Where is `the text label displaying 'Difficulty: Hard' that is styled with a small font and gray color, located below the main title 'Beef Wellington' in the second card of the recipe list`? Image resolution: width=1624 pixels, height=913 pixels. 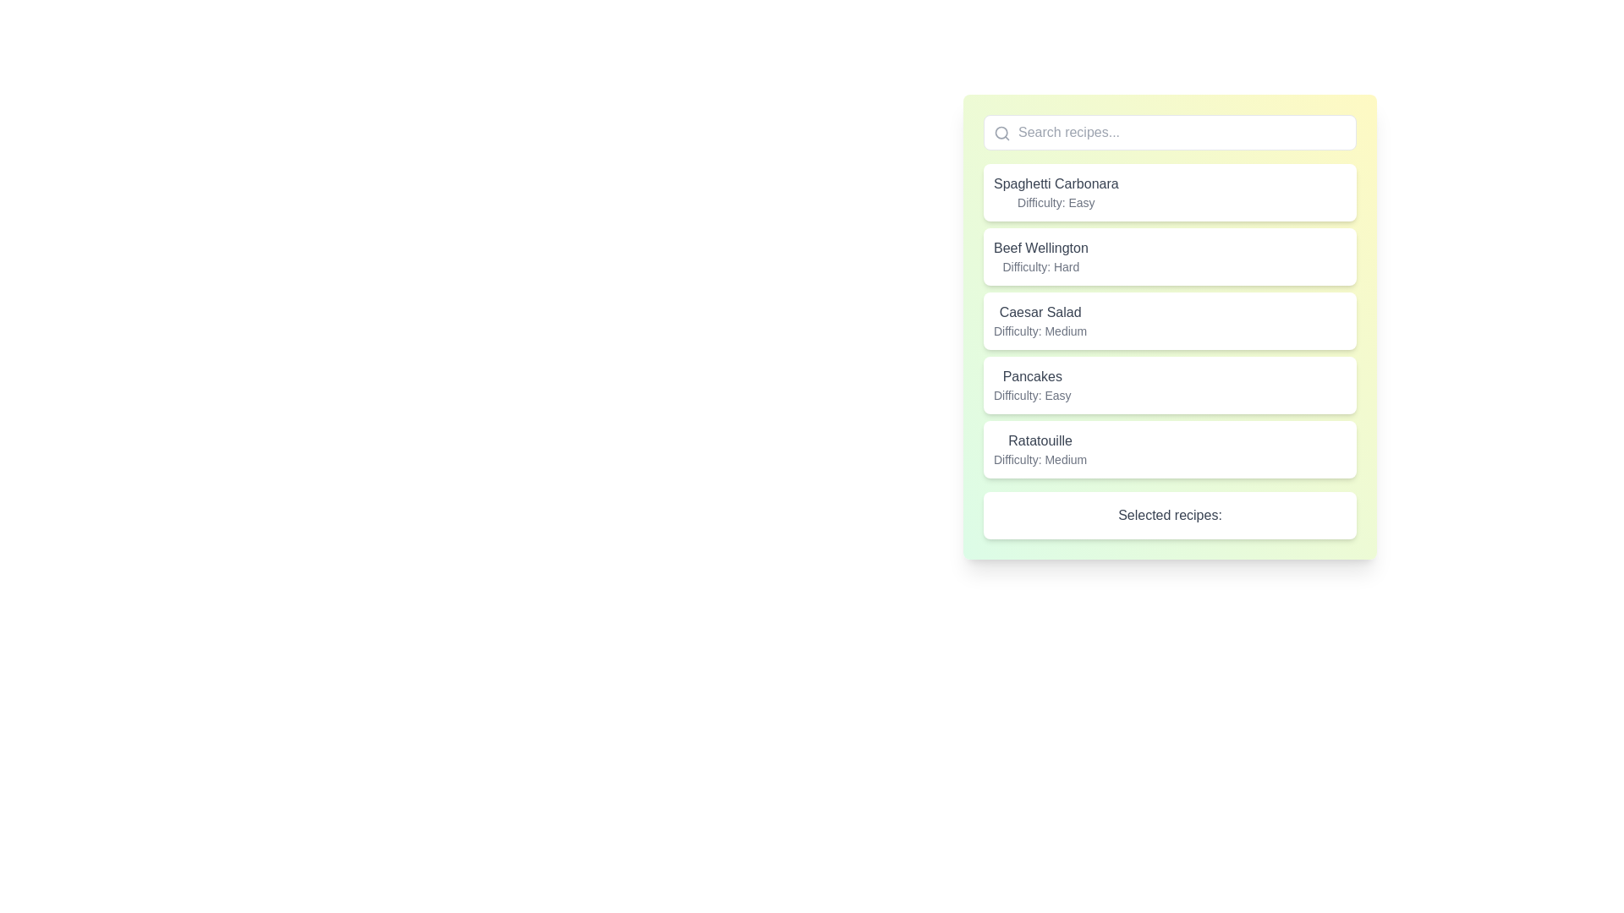
the text label displaying 'Difficulty: Hard' that is styled with a small font and gray color, located below the main title 'Beef Wellington' in the second card of the recipe list is located at coordinates (1040, 266).